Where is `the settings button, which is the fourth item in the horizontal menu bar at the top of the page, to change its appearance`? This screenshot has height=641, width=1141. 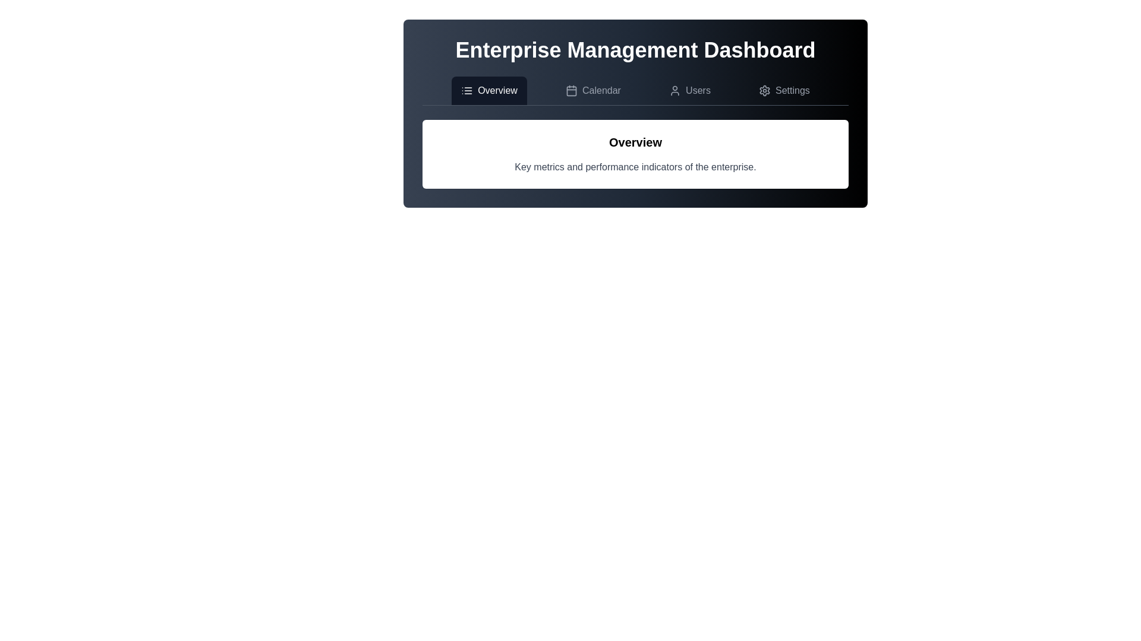 the settings button, which is the fourth item in the horizontal menu bar at the top of the page, to change its appearance is located at coordinates (784, 90).